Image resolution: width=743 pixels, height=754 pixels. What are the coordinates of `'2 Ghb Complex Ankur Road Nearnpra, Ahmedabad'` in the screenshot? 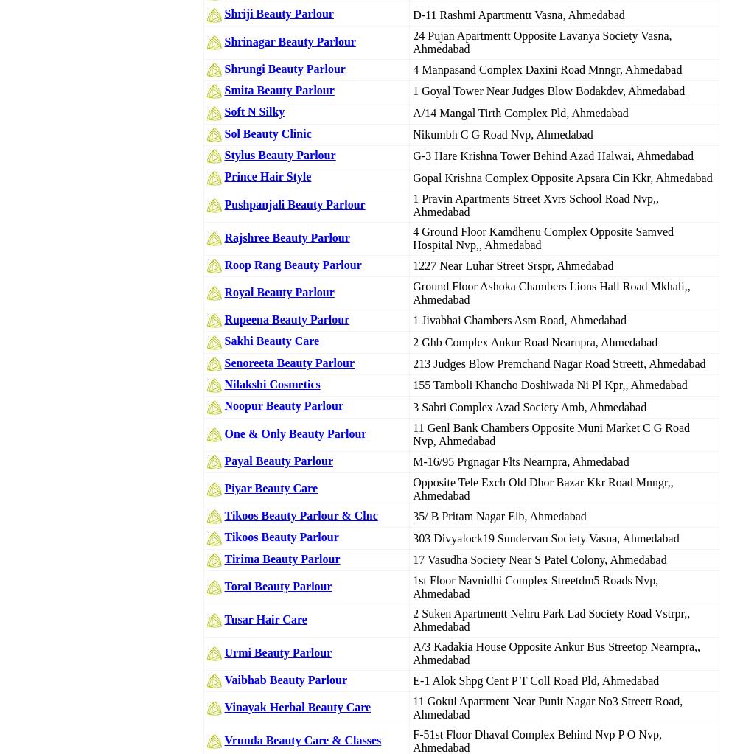 It's located at (413, 341).